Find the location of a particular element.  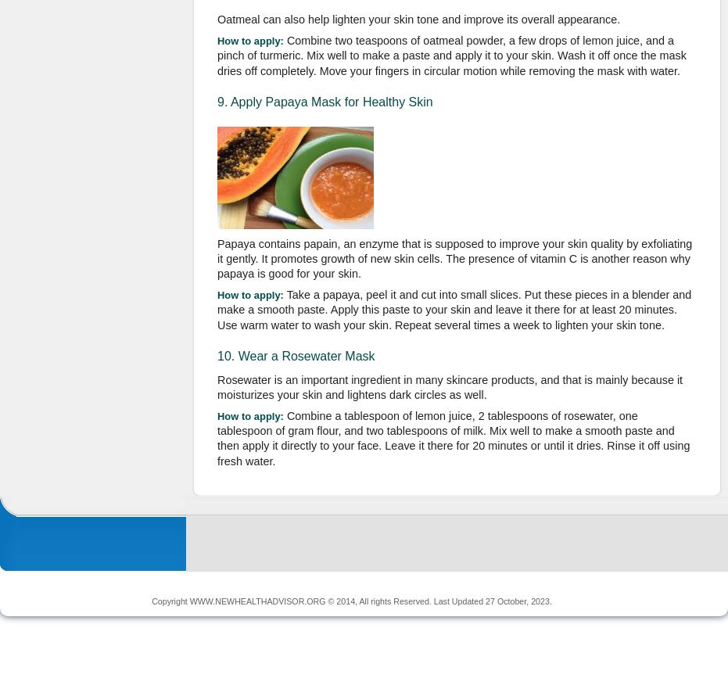

'Combine a tablespoon of lemon juice, 2 tablespoons of rosewater, one tablespoon of gram flour, and two tablespoons of milk. Mix well to make a smooth paste and then apply it directly to your face. Leave it there for 20 minutes or until it dries. Rinse it off using fresh water.' is located at coordinates (216, 436).